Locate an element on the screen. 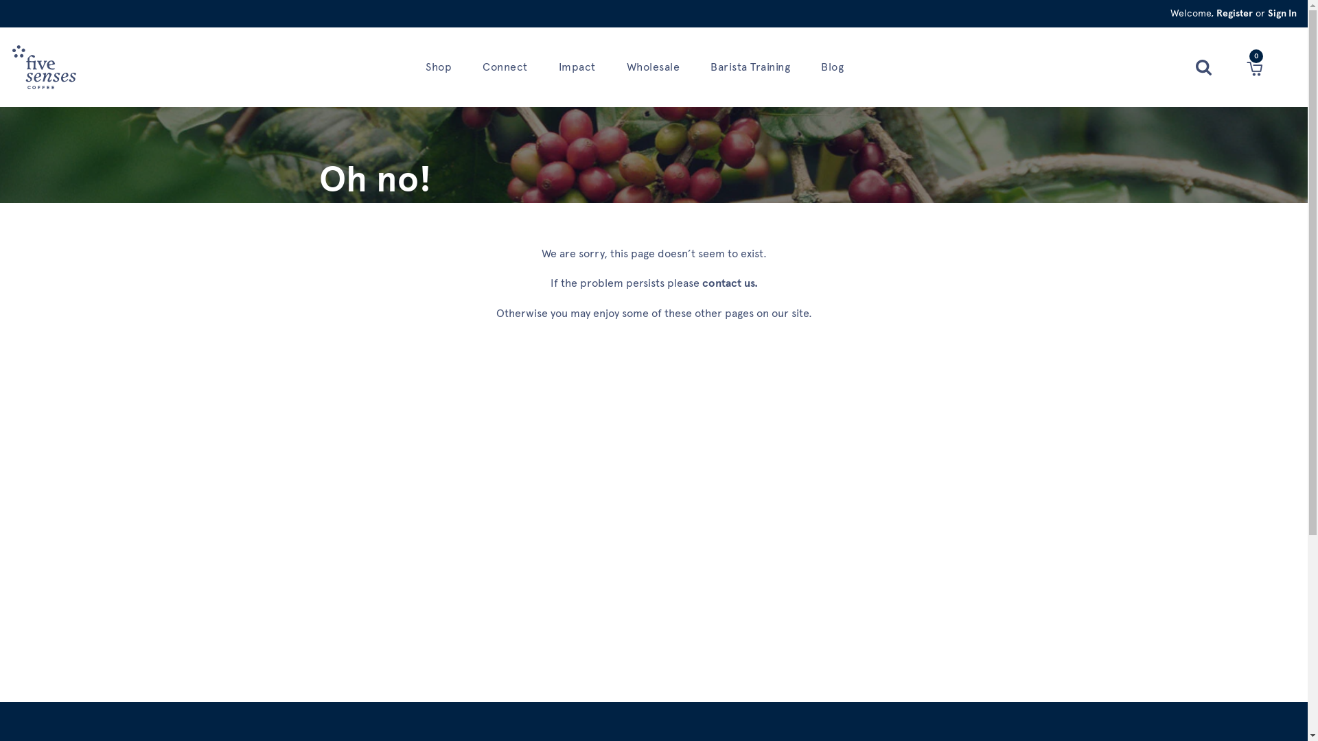  'Barista Training' is located at coordinates (751, 67).